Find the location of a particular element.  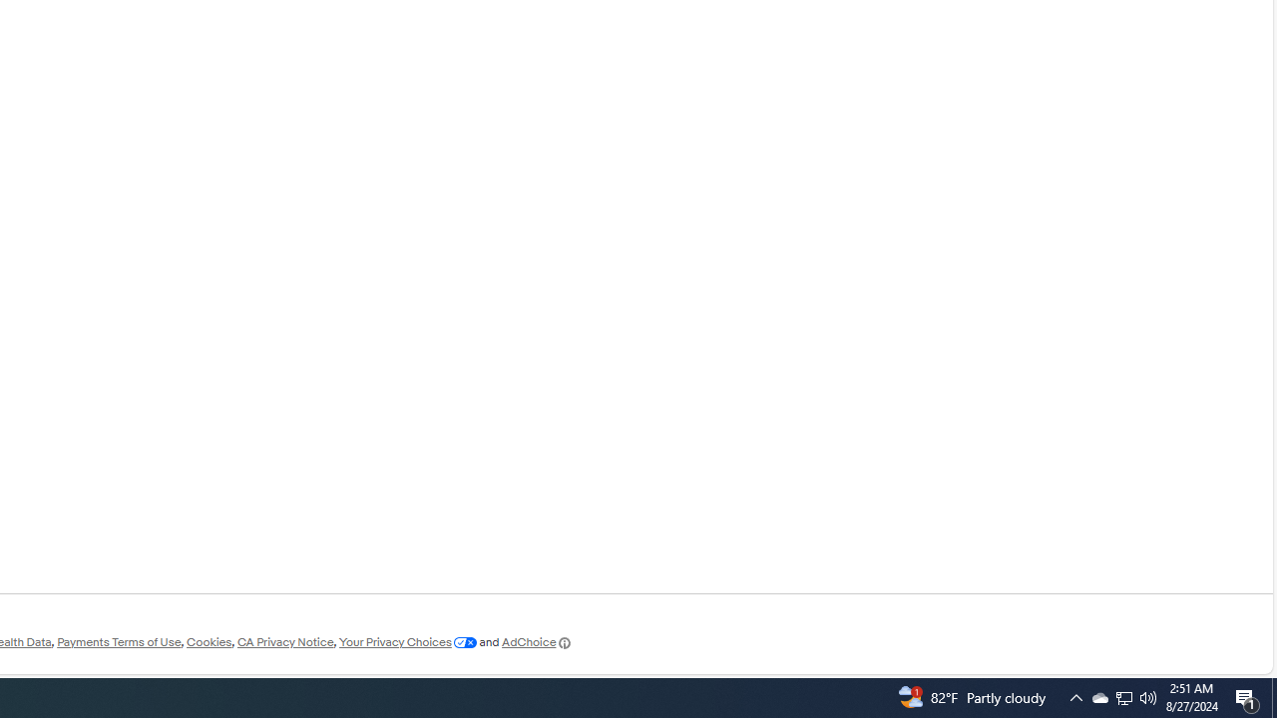

'AdChoice' is located at coordinates (537, 642).